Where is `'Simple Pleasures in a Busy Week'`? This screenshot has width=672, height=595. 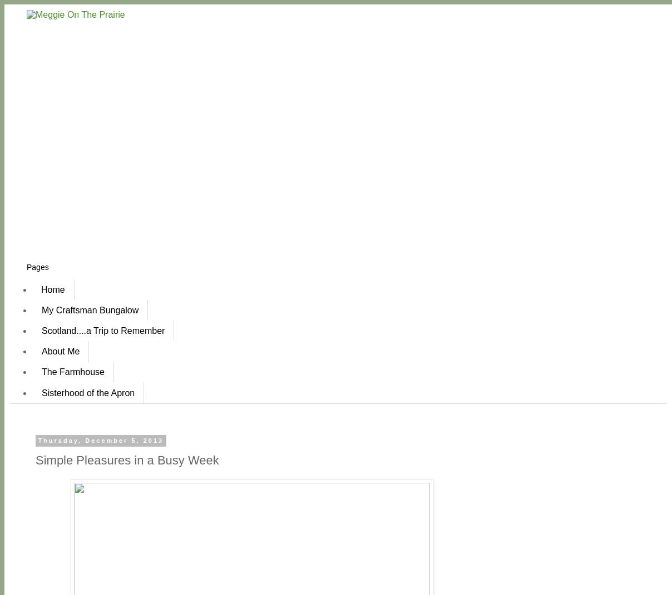 'Simple Pleasures in a Busy Week' is located at coordinates (127, 459).